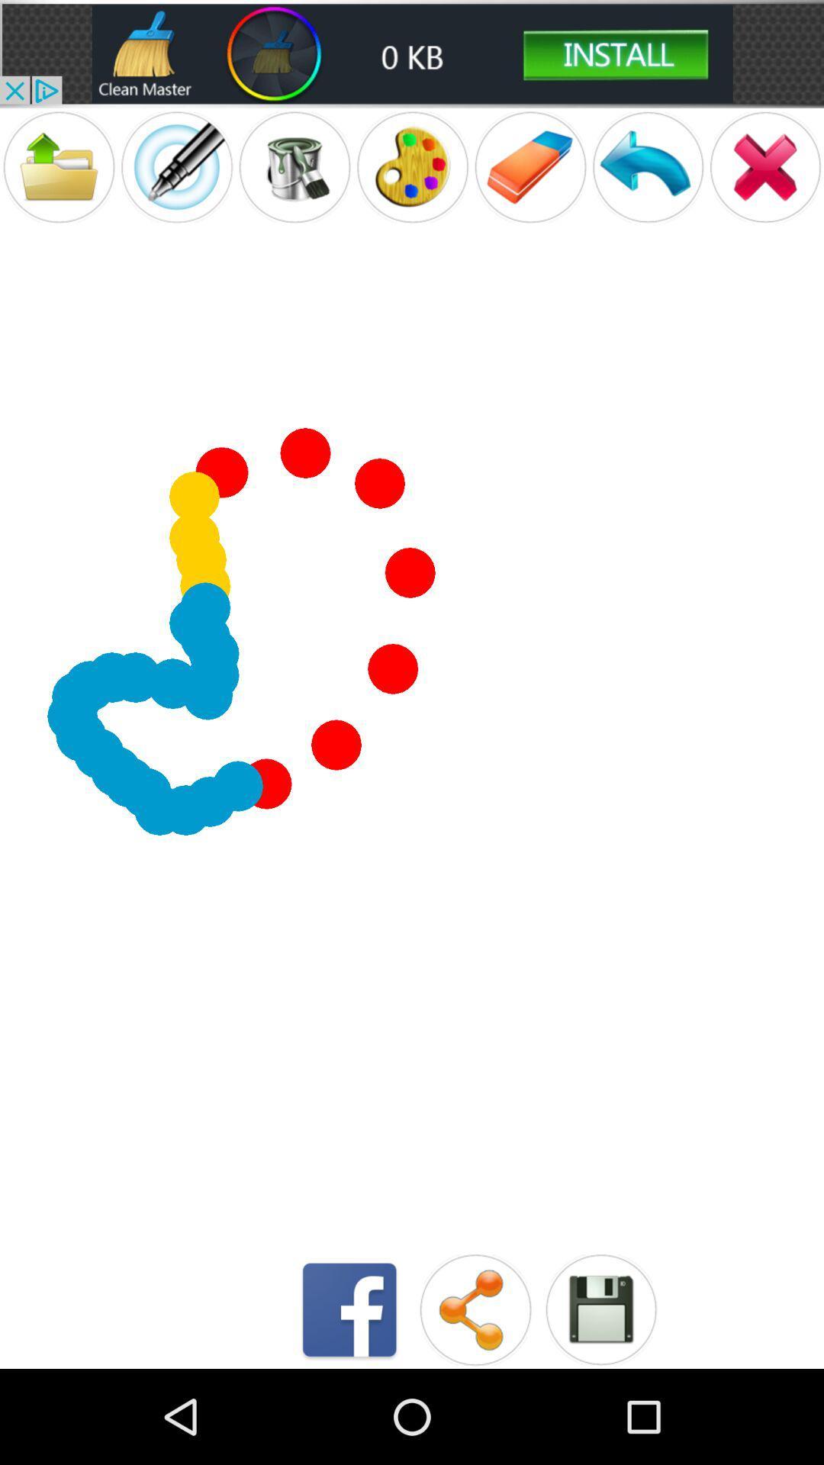  I want to click on the edit icon, so click(175, 179).